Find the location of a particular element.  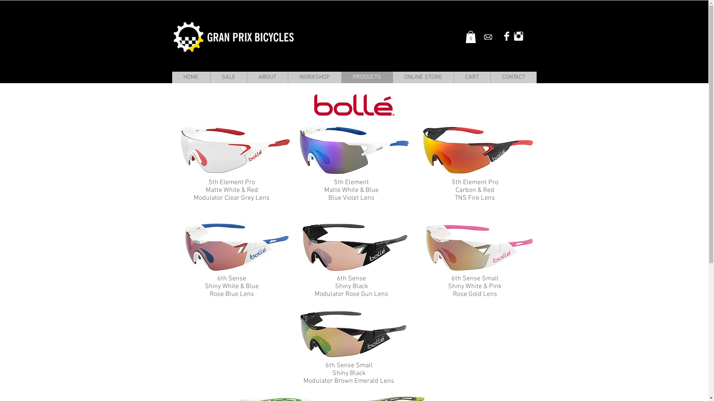

'CONTACT' is located at coordinates (513, 77).